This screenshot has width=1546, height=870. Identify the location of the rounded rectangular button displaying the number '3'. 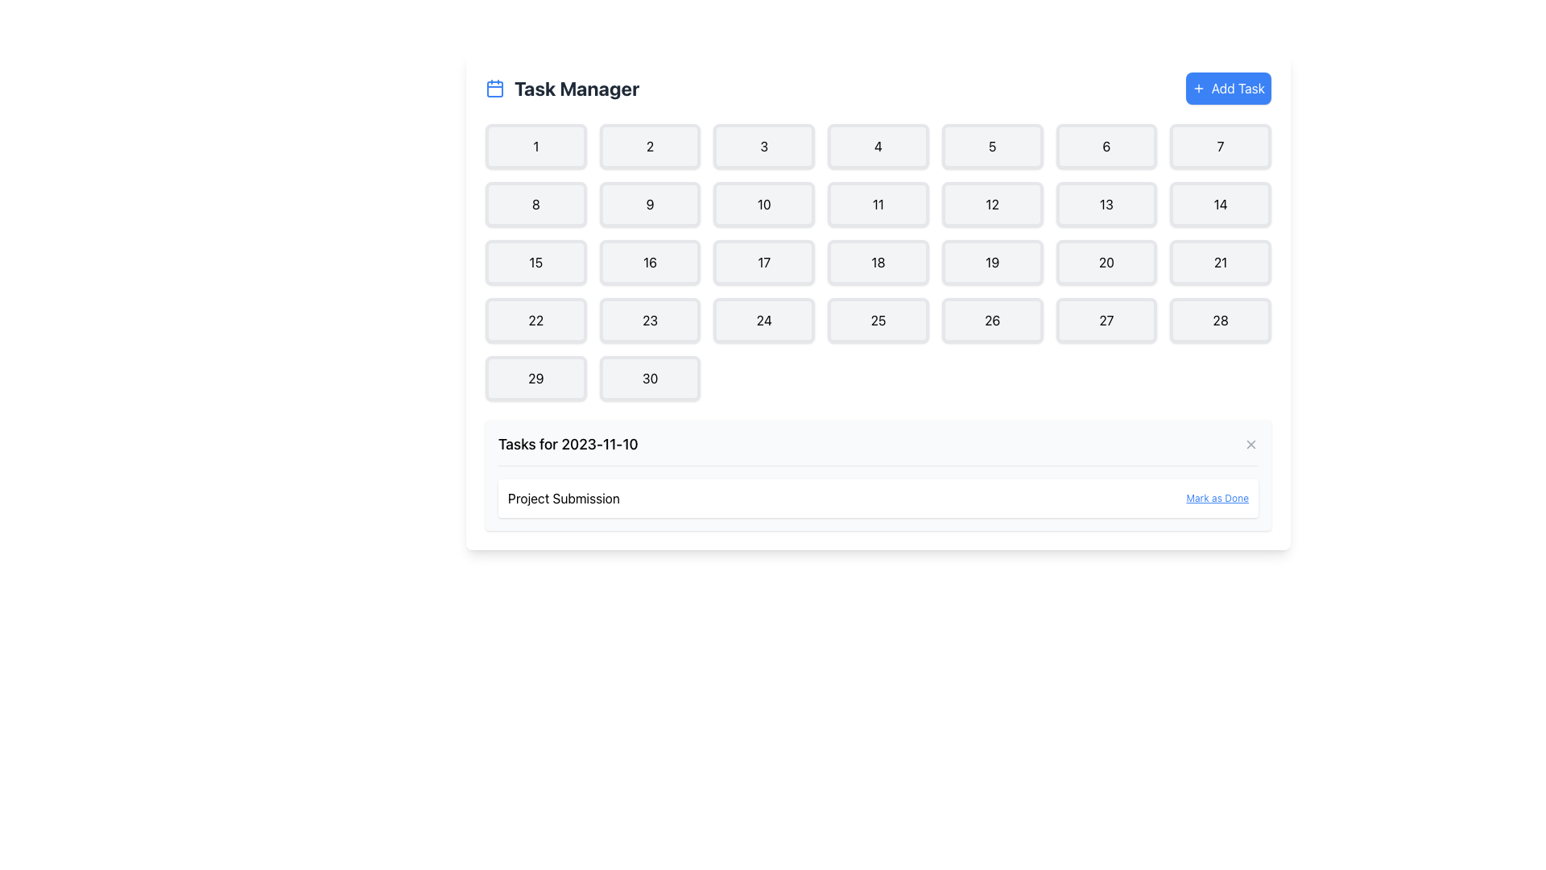
(763, 146).